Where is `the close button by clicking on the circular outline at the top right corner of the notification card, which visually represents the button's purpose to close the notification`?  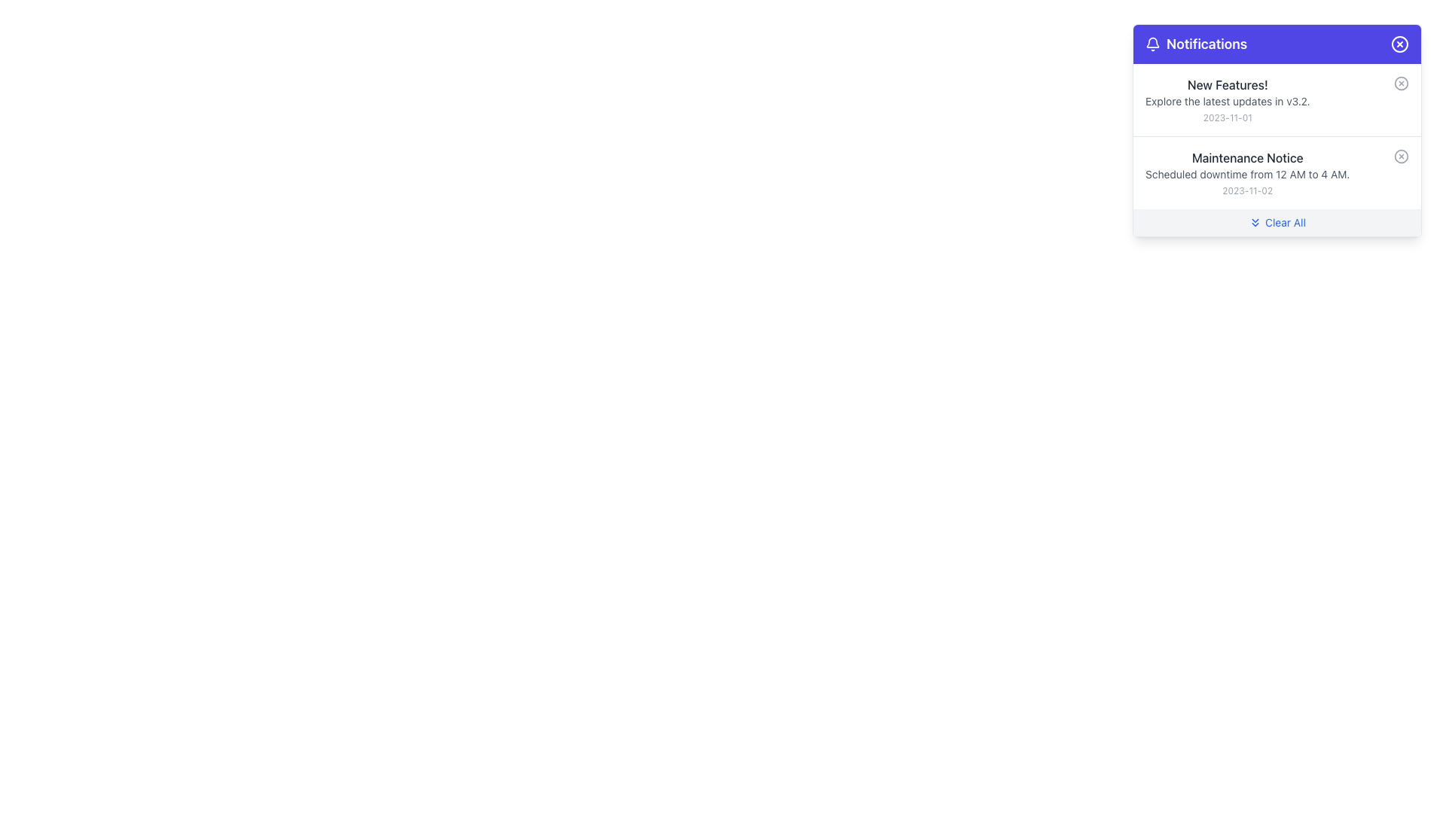
the close button by clicking on the circular outline at the top right corner of the notification card, which visually represents the button's purpose to close the notification is located at coordinates (1401, 84).